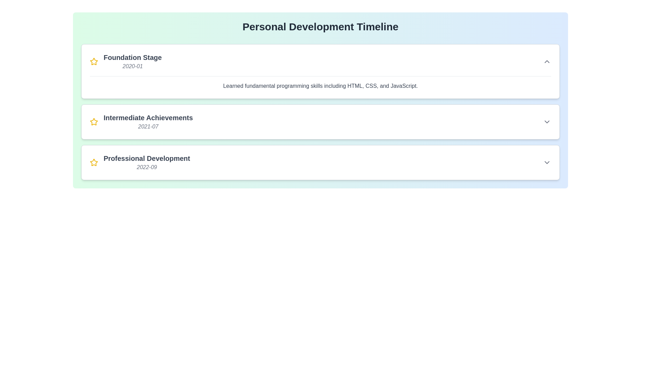 This screenshot has width=661, height=372. What do you see at coordinates (133, 61) in the screenshot?
I see `to select the 'Foundation Stage' text content block located near the top of the page under the star icon in the 'Personal Development Timeline' section` at bounding box center [133, 61].